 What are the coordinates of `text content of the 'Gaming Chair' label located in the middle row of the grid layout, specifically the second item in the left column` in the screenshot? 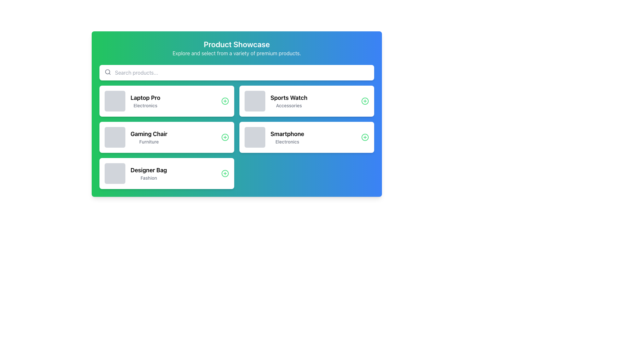 It's located at (148, 137).